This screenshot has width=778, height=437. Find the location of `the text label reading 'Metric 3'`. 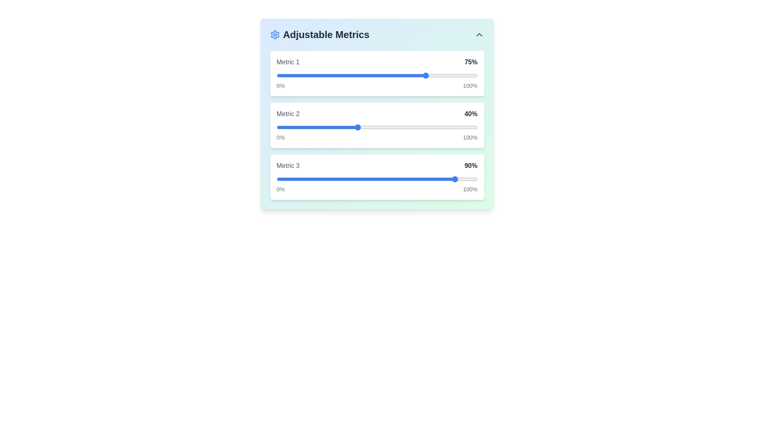

the text label reading 'Metric 3' is located at coordinates (288, 165).